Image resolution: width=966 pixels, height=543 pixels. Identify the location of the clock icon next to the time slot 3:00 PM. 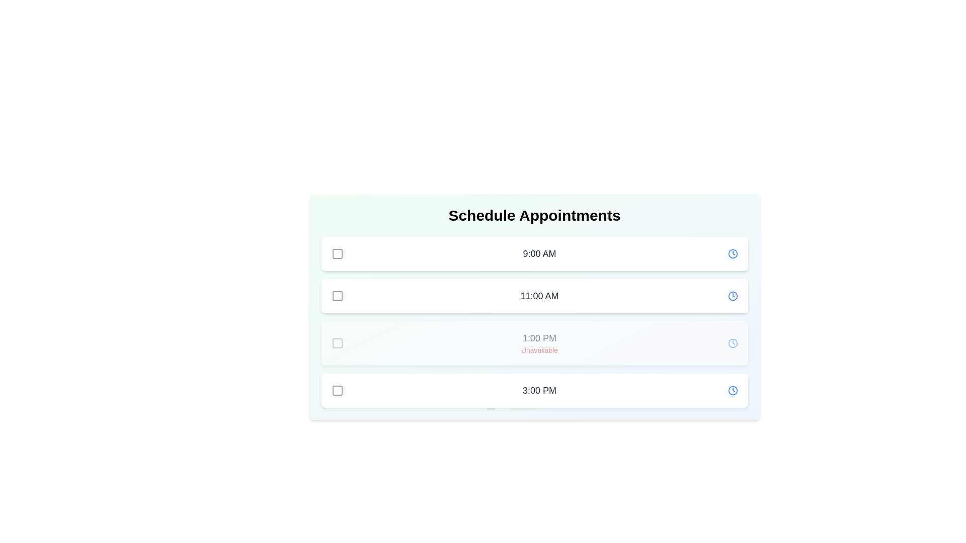
(733, 390).